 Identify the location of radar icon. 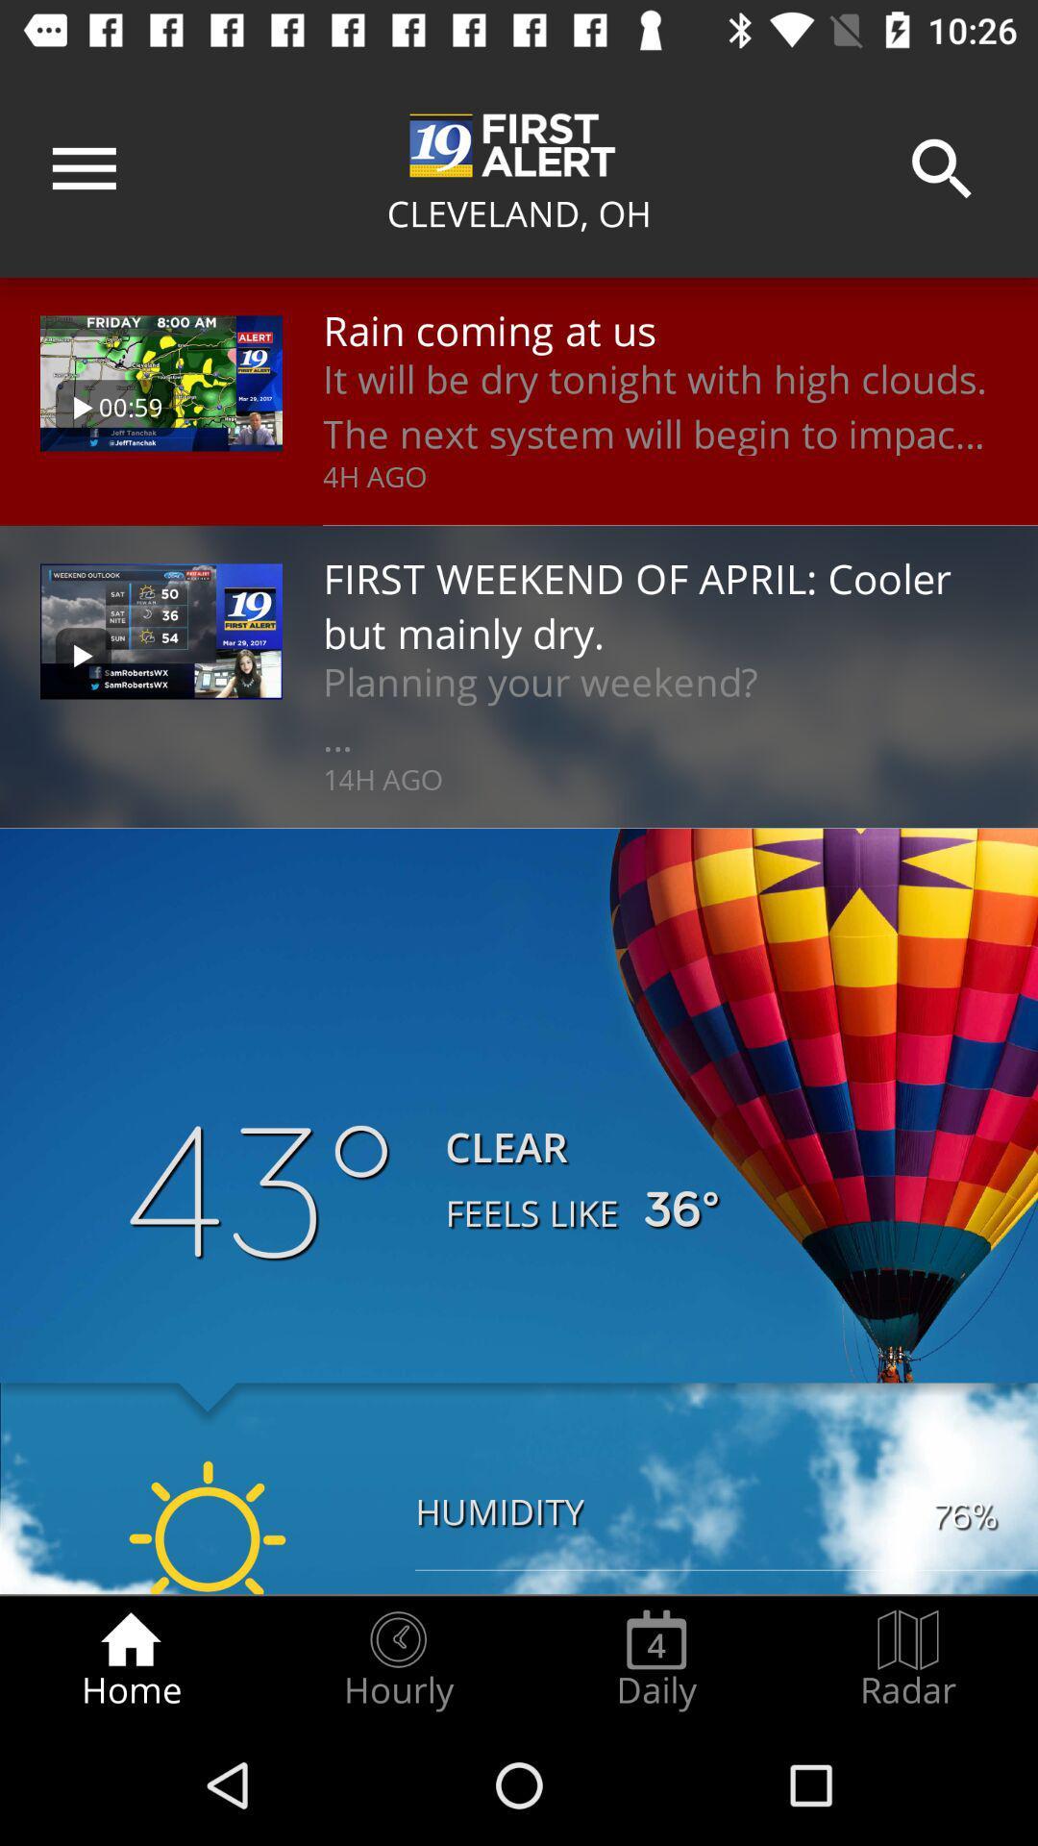
(908, 1659).